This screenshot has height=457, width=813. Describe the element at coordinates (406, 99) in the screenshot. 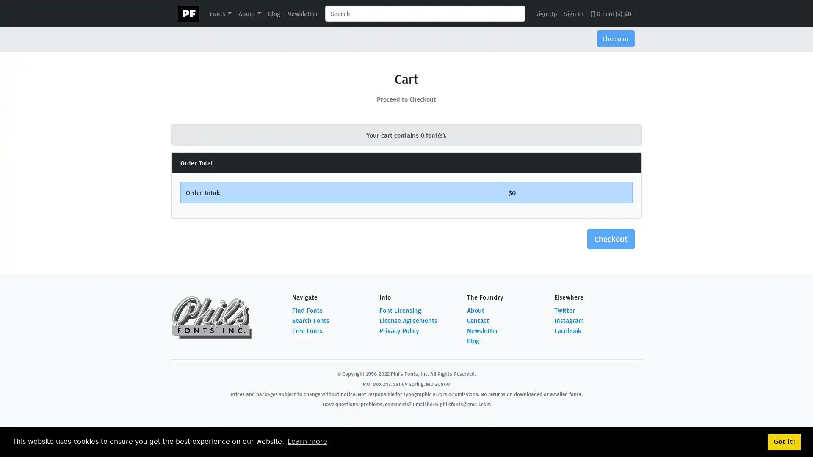

I see `Proceed to Checkout` at that location.